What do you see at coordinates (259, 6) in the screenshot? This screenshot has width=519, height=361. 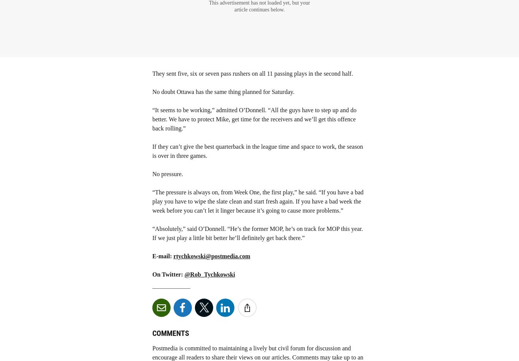 I see `'This advertisement has not loaded yet, but your article continues below.'` at bounding box center [259, 6].